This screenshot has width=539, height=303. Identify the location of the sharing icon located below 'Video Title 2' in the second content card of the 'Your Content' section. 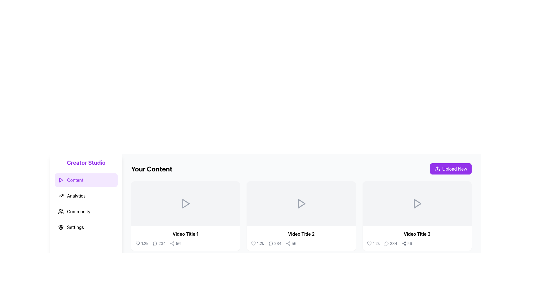
(288, 243).